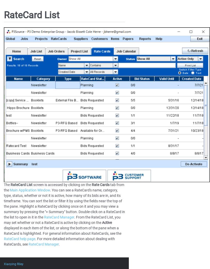 The width and height of the screenshot is (210, 269). I want to click on '.', so click(59, 244).